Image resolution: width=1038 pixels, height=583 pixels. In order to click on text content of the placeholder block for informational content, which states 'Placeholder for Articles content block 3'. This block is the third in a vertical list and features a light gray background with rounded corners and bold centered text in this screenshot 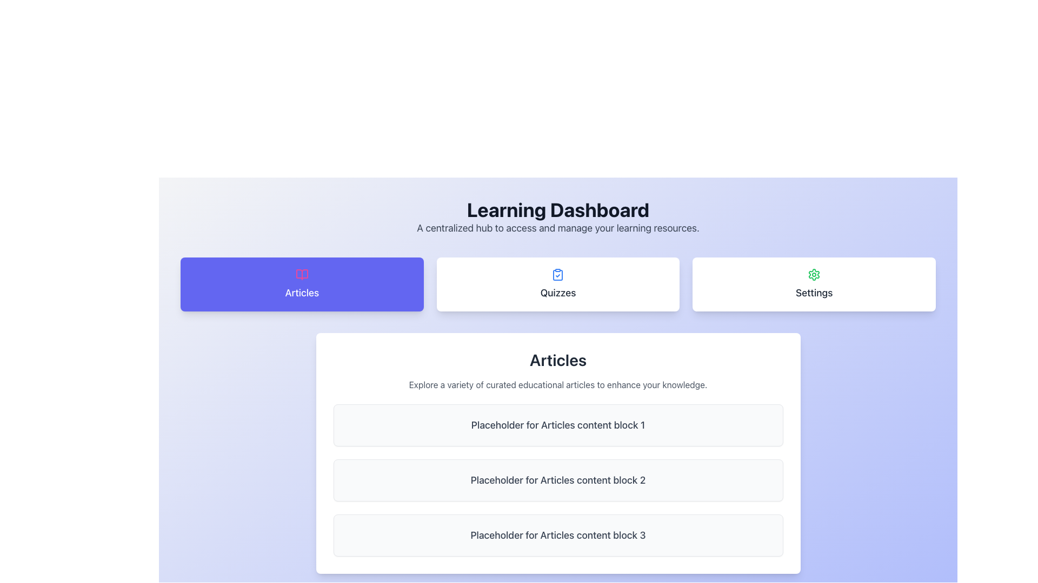, I will do `click(558, 535)`.